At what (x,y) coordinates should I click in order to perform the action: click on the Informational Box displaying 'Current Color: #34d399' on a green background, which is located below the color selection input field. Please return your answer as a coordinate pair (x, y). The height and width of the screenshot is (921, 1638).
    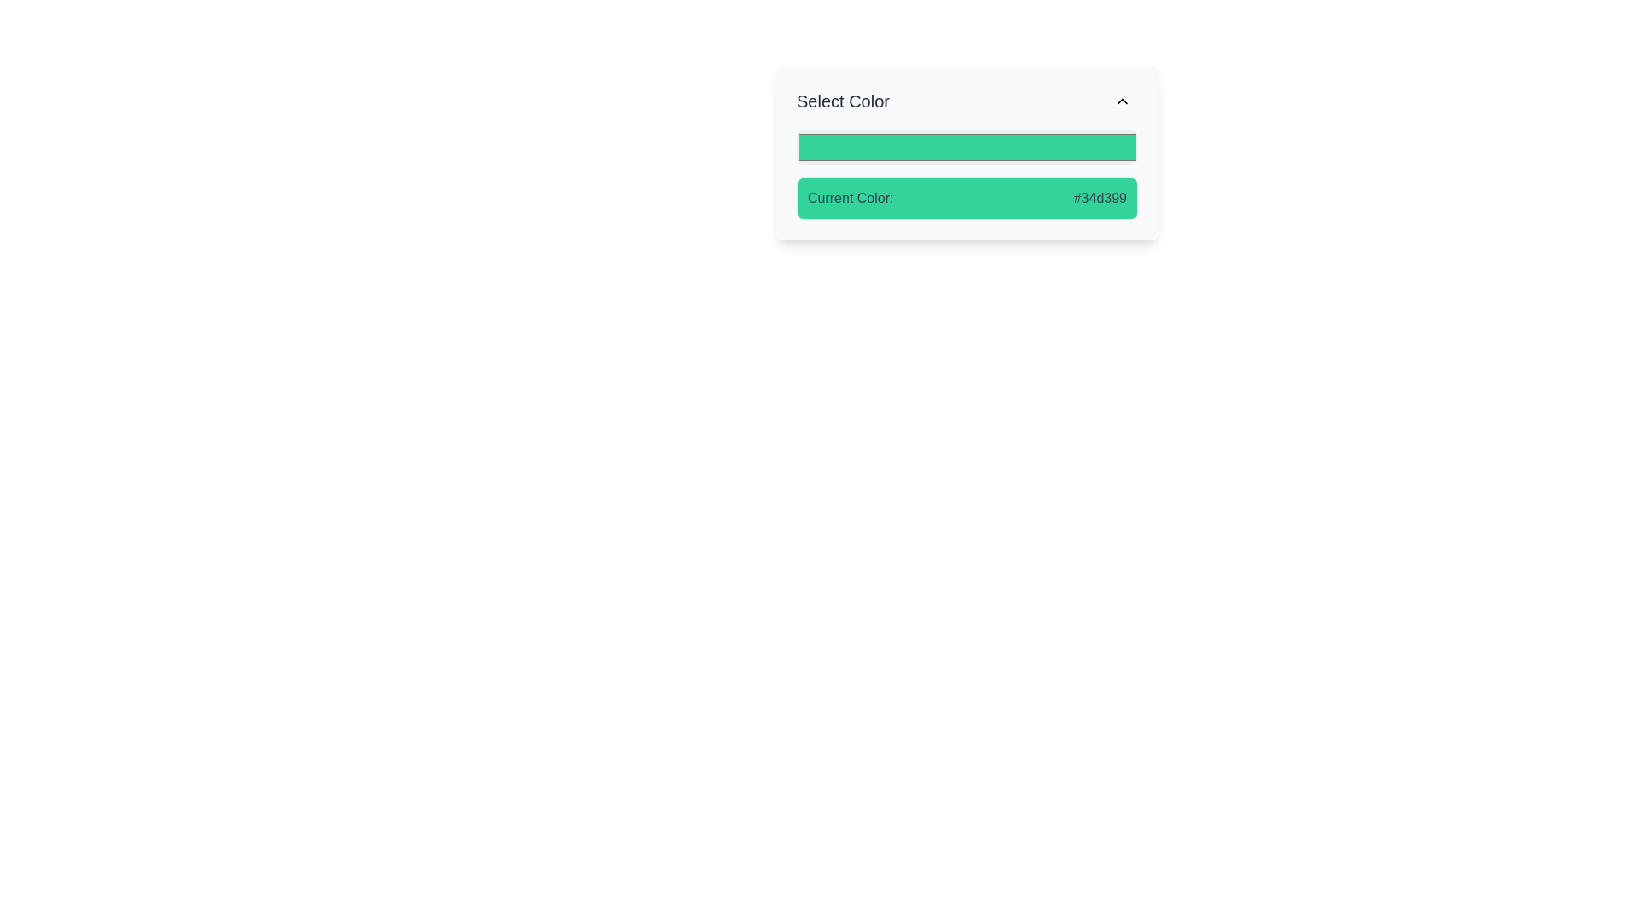
    Looking at the image, I should click on (967, 175).